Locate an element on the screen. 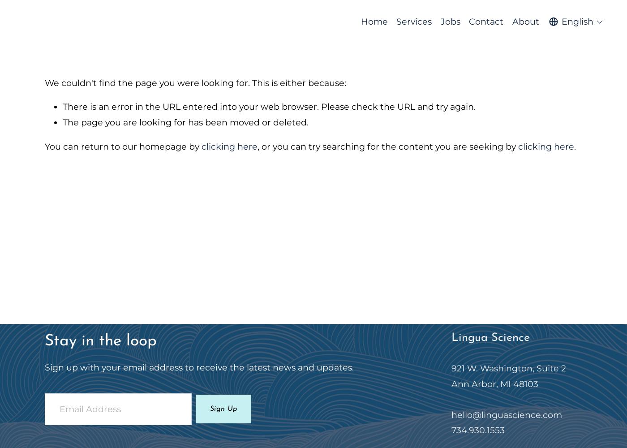  'We couldn't find the page you were looking for. This is either because:' is located at coordinates (195, 82).